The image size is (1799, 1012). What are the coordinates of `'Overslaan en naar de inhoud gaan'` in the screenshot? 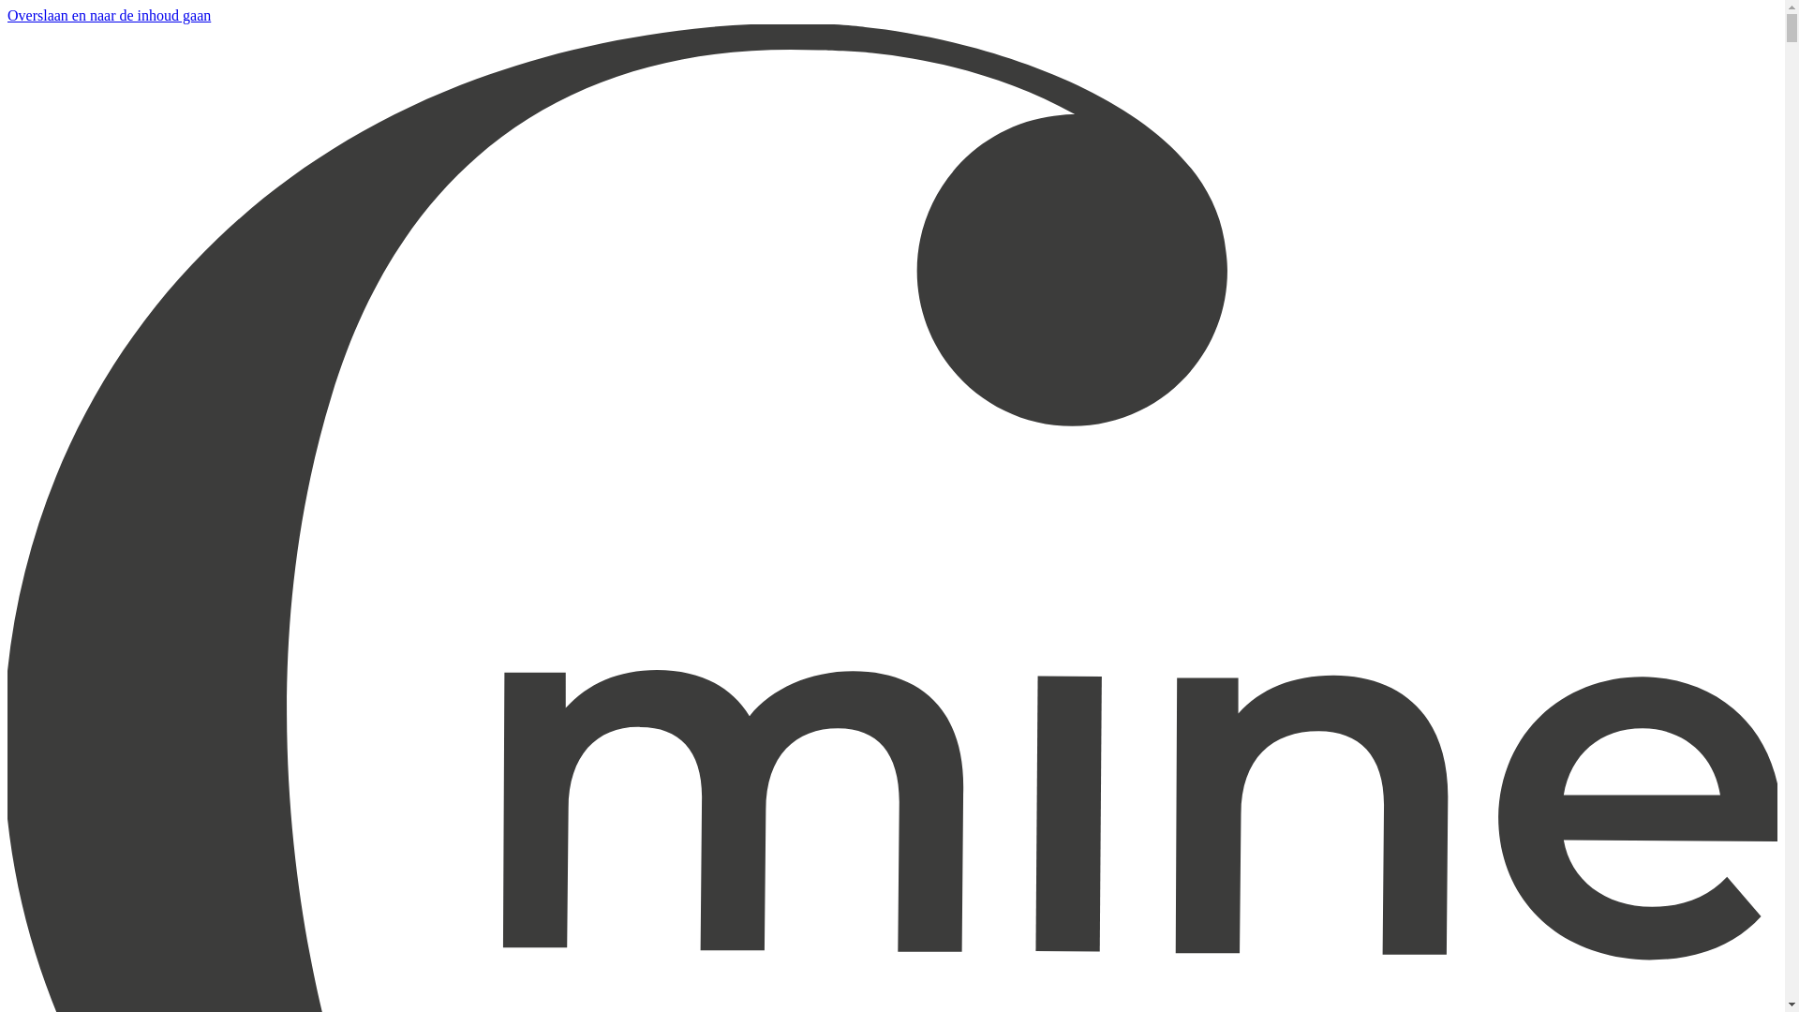 It's located at (108, 15).